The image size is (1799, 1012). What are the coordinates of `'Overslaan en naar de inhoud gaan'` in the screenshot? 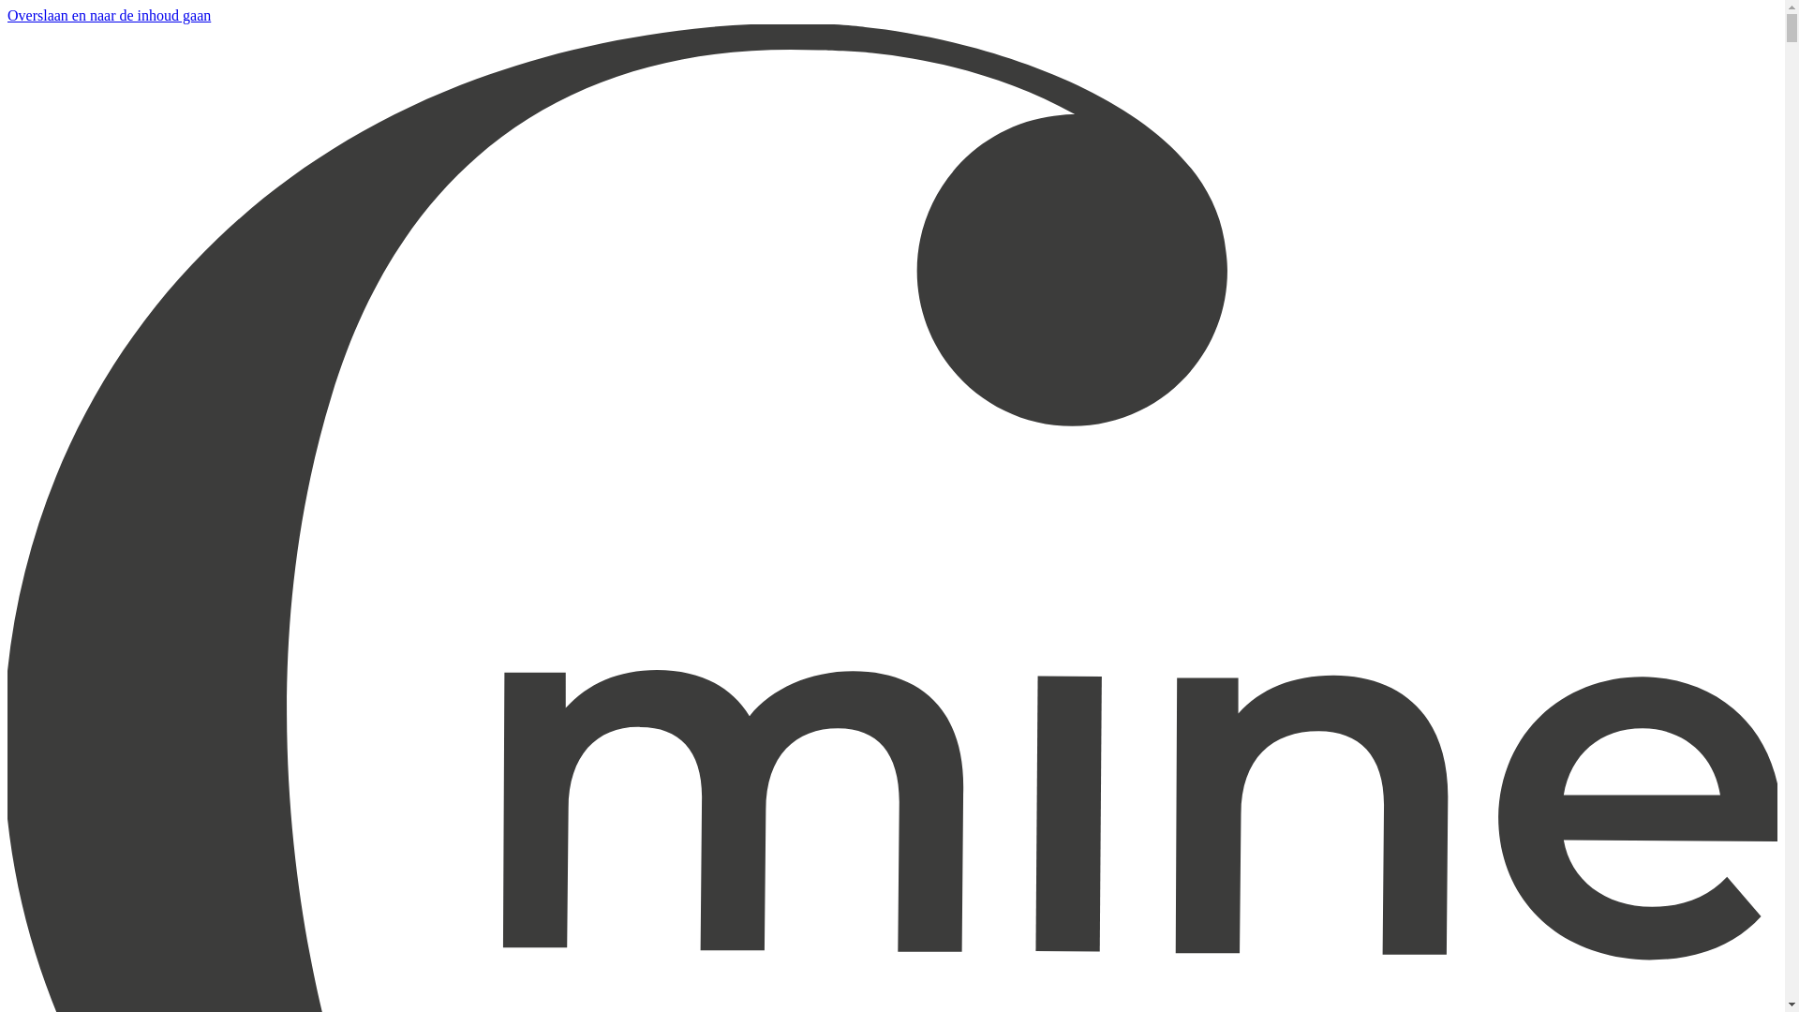 It's located at (108, 15).